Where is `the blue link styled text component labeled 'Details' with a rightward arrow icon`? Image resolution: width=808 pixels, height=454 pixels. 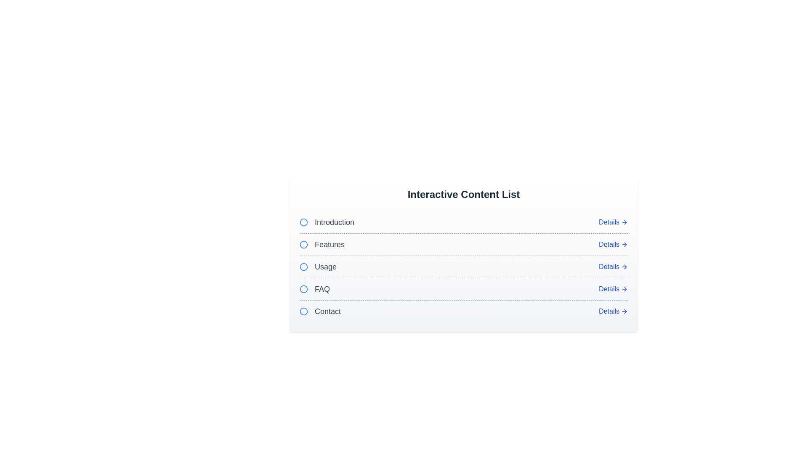 the blue link styled text component labeled 'Details' with a rightward arrow icon is located at coordinates (613, 288).